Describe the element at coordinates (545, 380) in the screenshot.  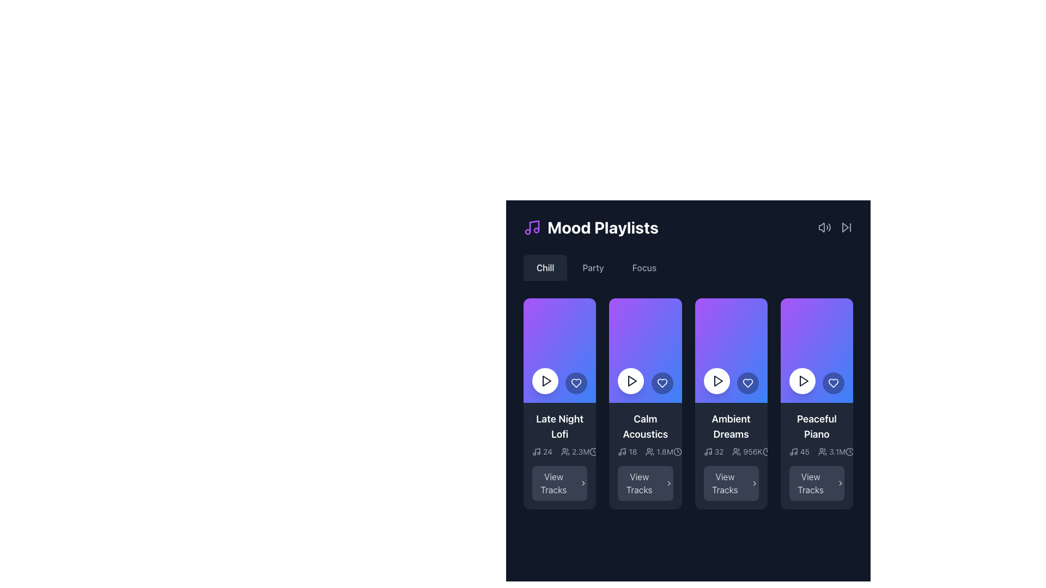
I see `the circular button with a white background and triangular play icon, located centrally in the first playlist card, to trigger the enlargement effect` at that location.